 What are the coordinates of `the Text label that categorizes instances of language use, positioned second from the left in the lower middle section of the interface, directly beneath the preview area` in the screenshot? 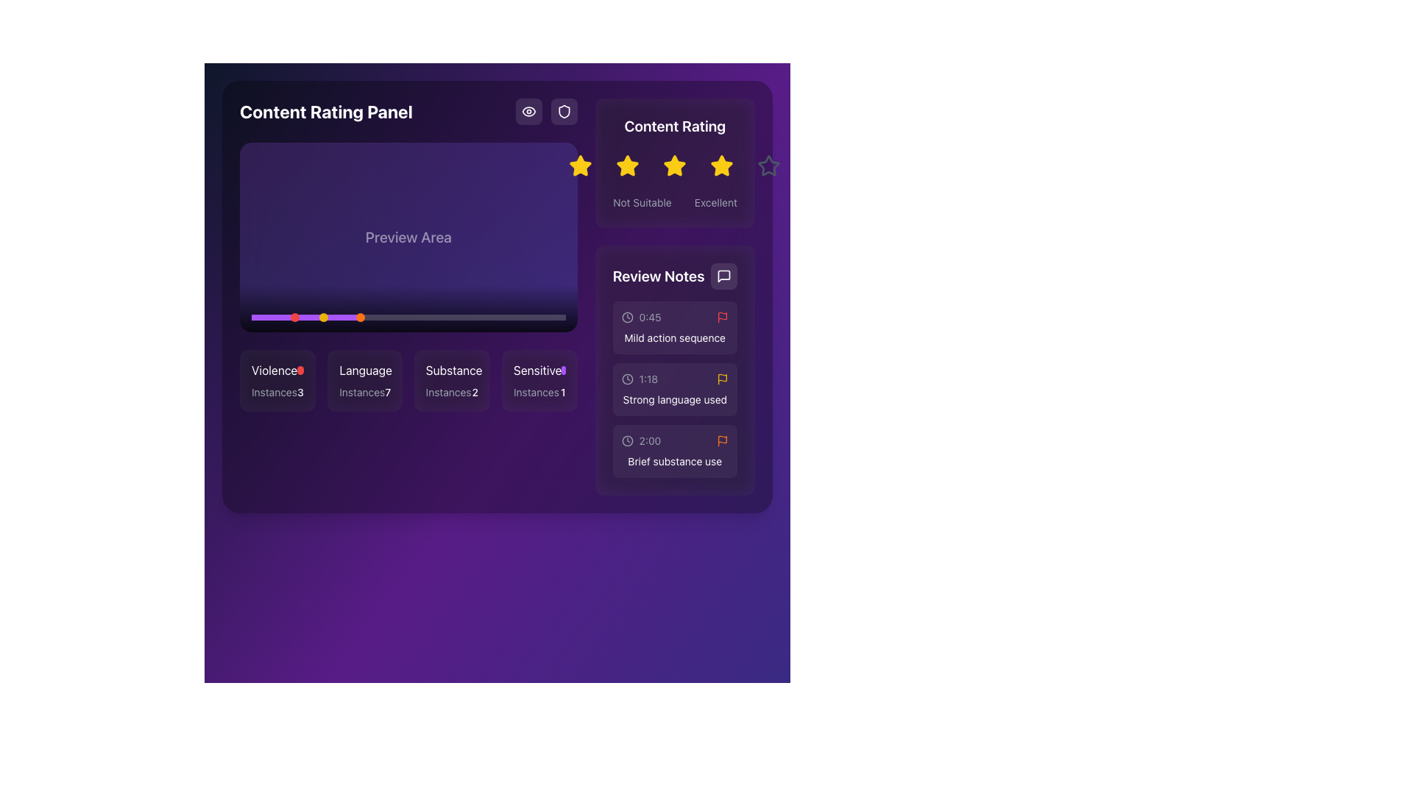 It's located at (365, 369).